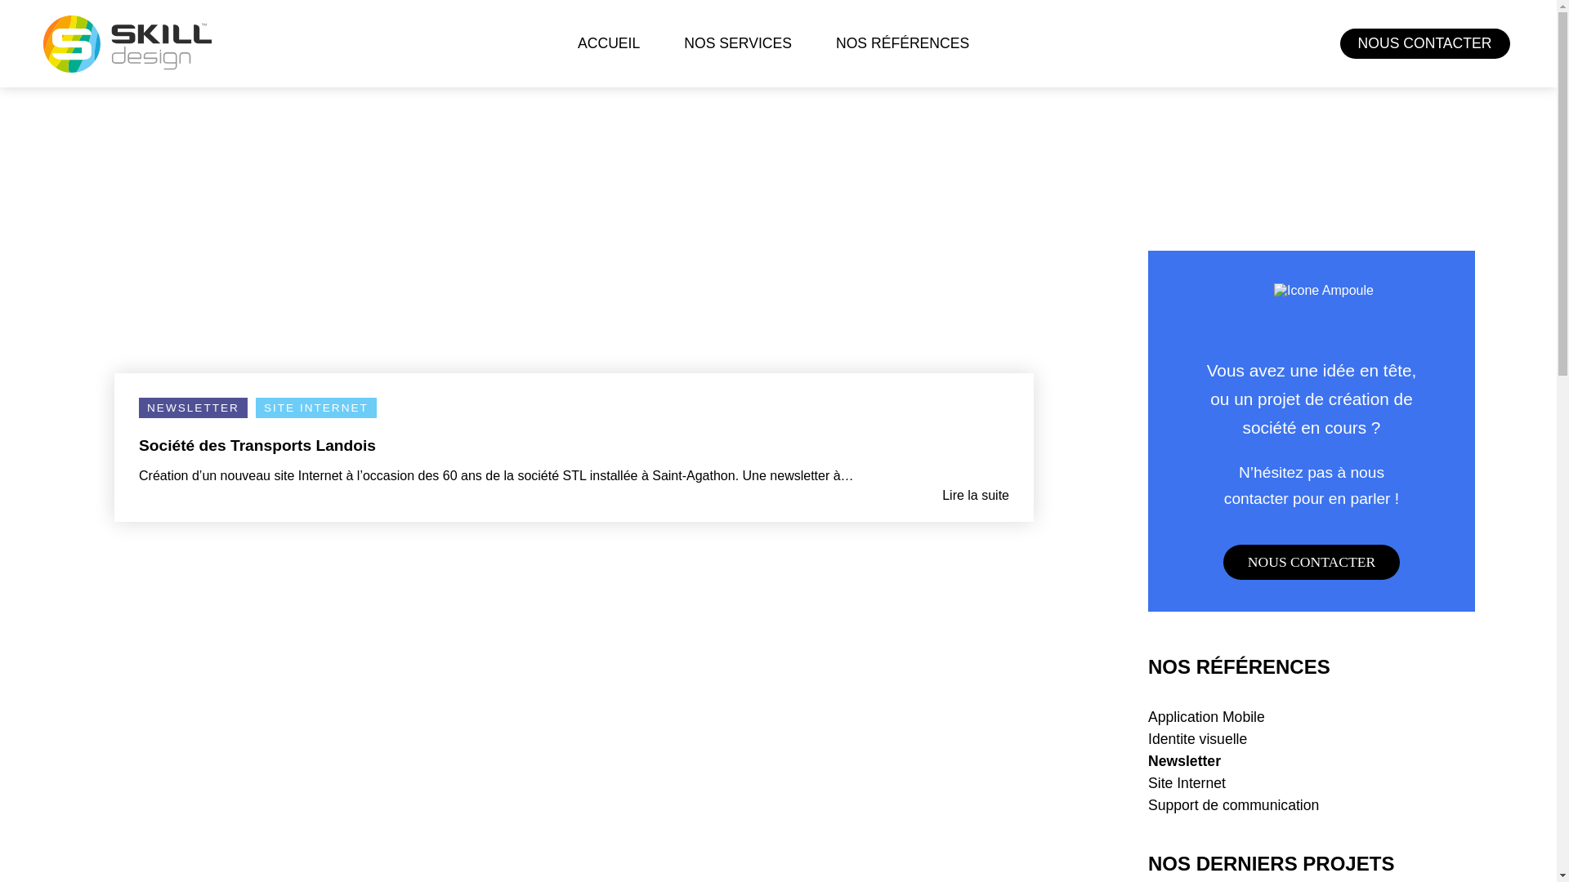  What do you see at coordinates (1424, 42) in the screenshot?
I see `'NOUS CONTACTER'` at bounding box center [1424, 42].